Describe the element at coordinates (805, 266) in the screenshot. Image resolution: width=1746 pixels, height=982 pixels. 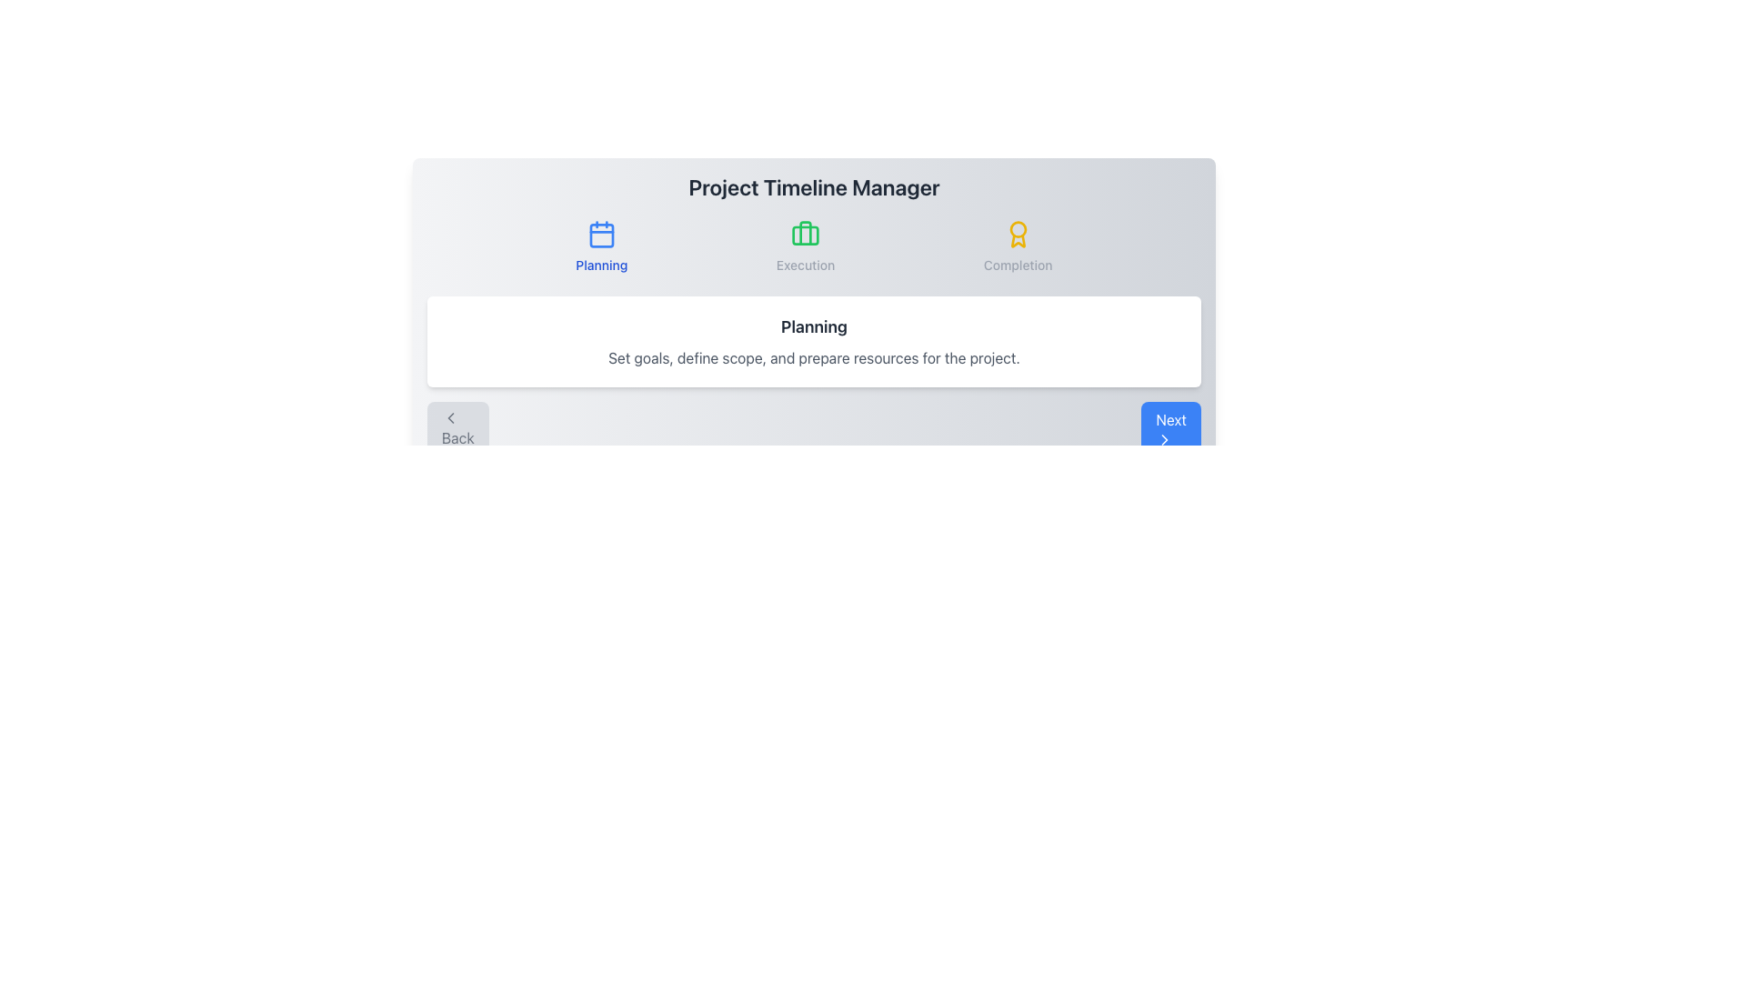
I see `the static text label indicating the 'Execution' phase of the project timeline, which is the middle label among 'Planning' and 'Completion'` at that location.